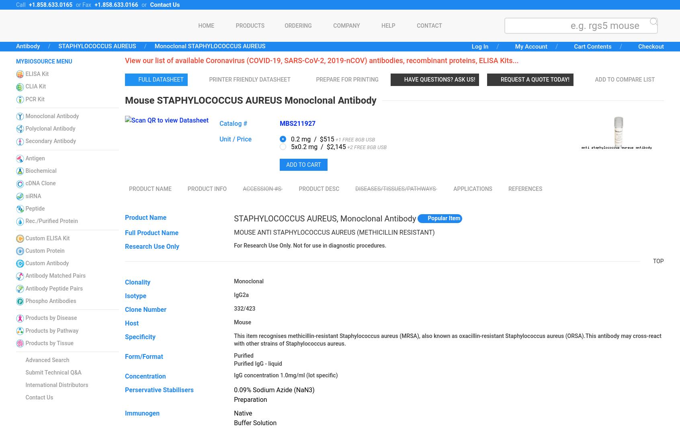 This screenshot has height=432, width=680. What do you see at coordinates (298, 188) in the screenshot?
I see `'Product Desc'` at bounding box center [298, 188].